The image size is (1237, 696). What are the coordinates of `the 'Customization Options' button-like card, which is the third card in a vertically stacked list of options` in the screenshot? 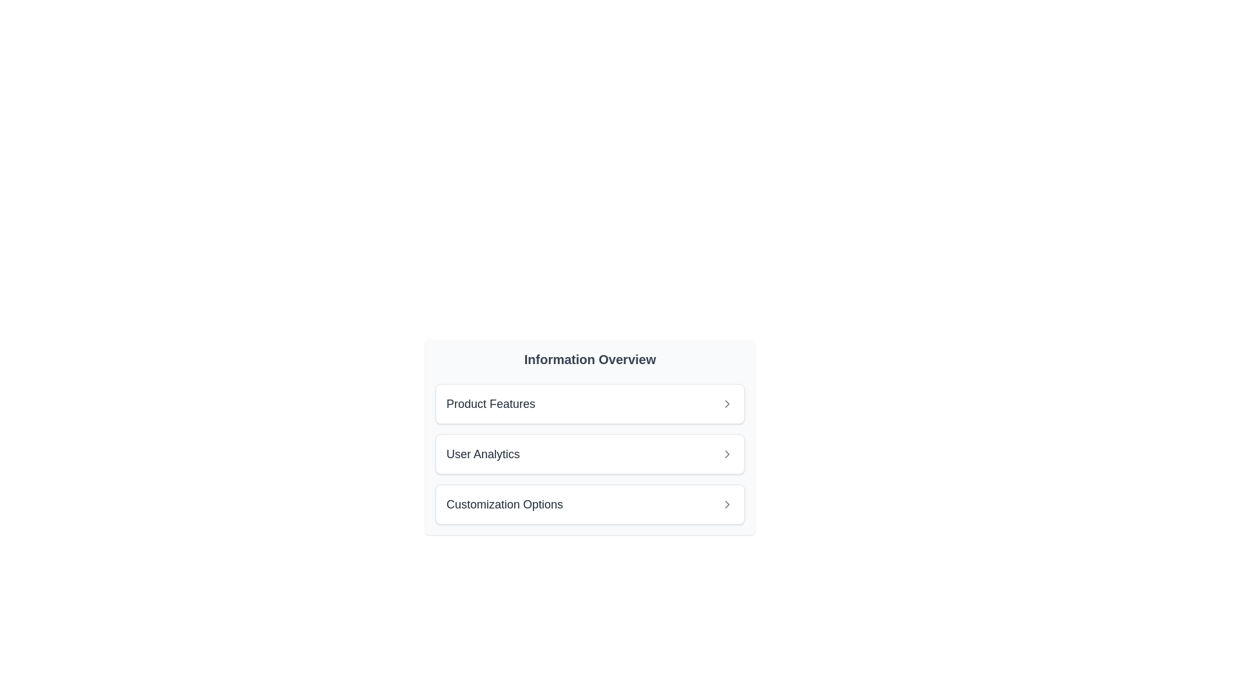 It's located at (590, 504).